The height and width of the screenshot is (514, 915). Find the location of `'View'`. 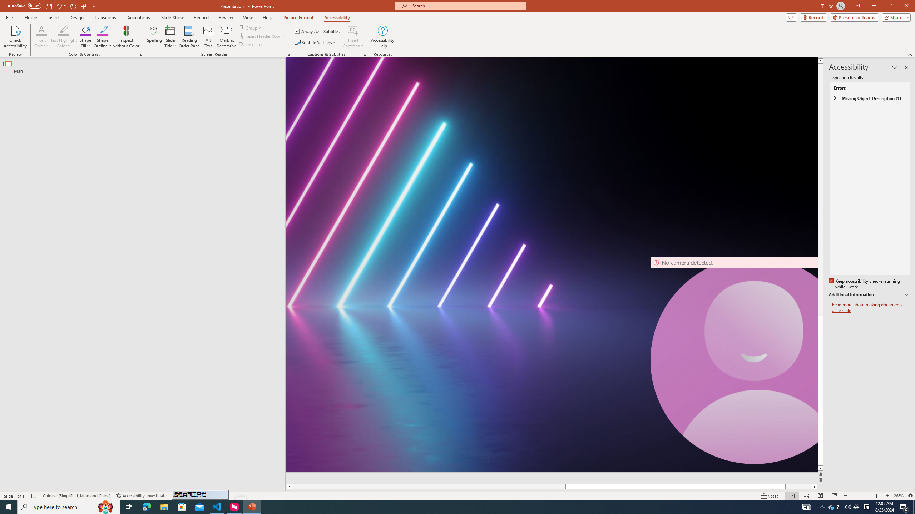

'View' is located at coordinates (248, 17).